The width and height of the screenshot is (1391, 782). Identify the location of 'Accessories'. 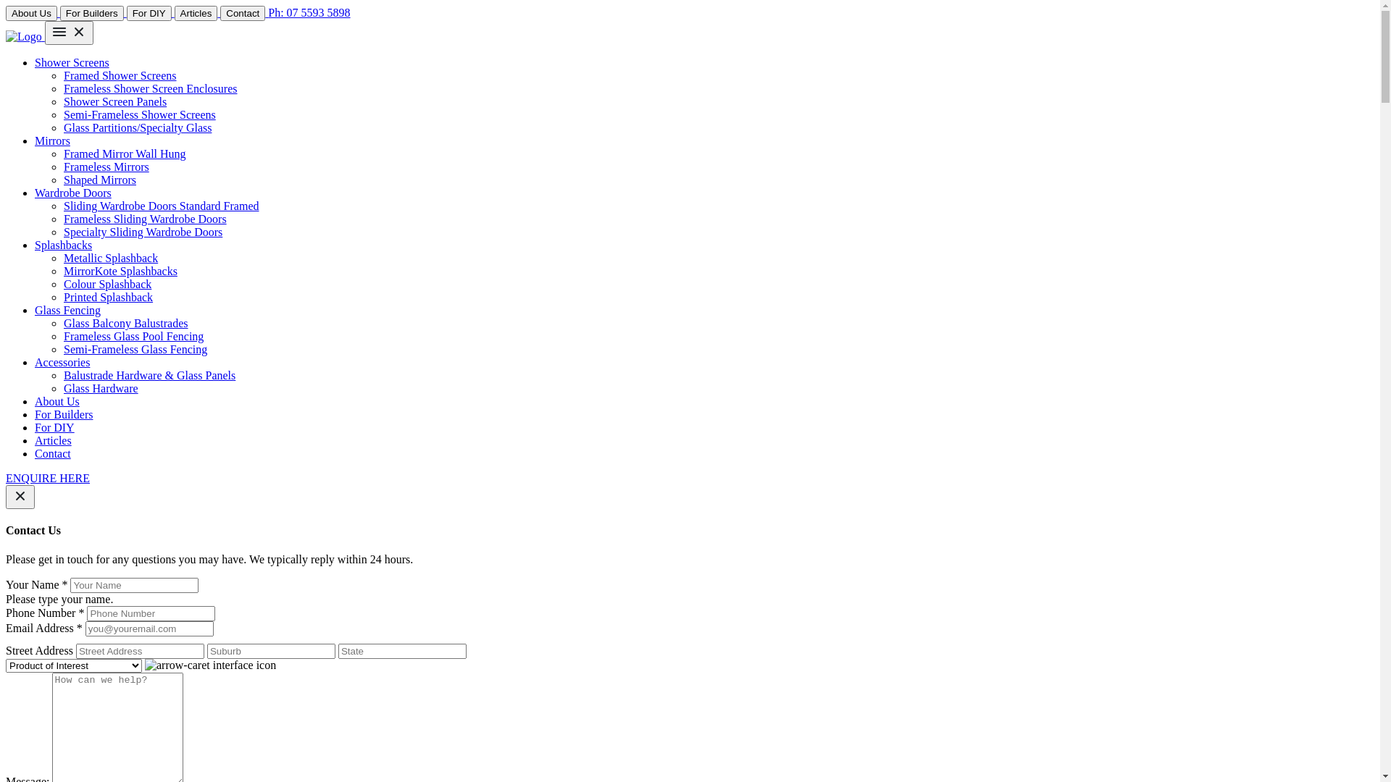
(62, 361).